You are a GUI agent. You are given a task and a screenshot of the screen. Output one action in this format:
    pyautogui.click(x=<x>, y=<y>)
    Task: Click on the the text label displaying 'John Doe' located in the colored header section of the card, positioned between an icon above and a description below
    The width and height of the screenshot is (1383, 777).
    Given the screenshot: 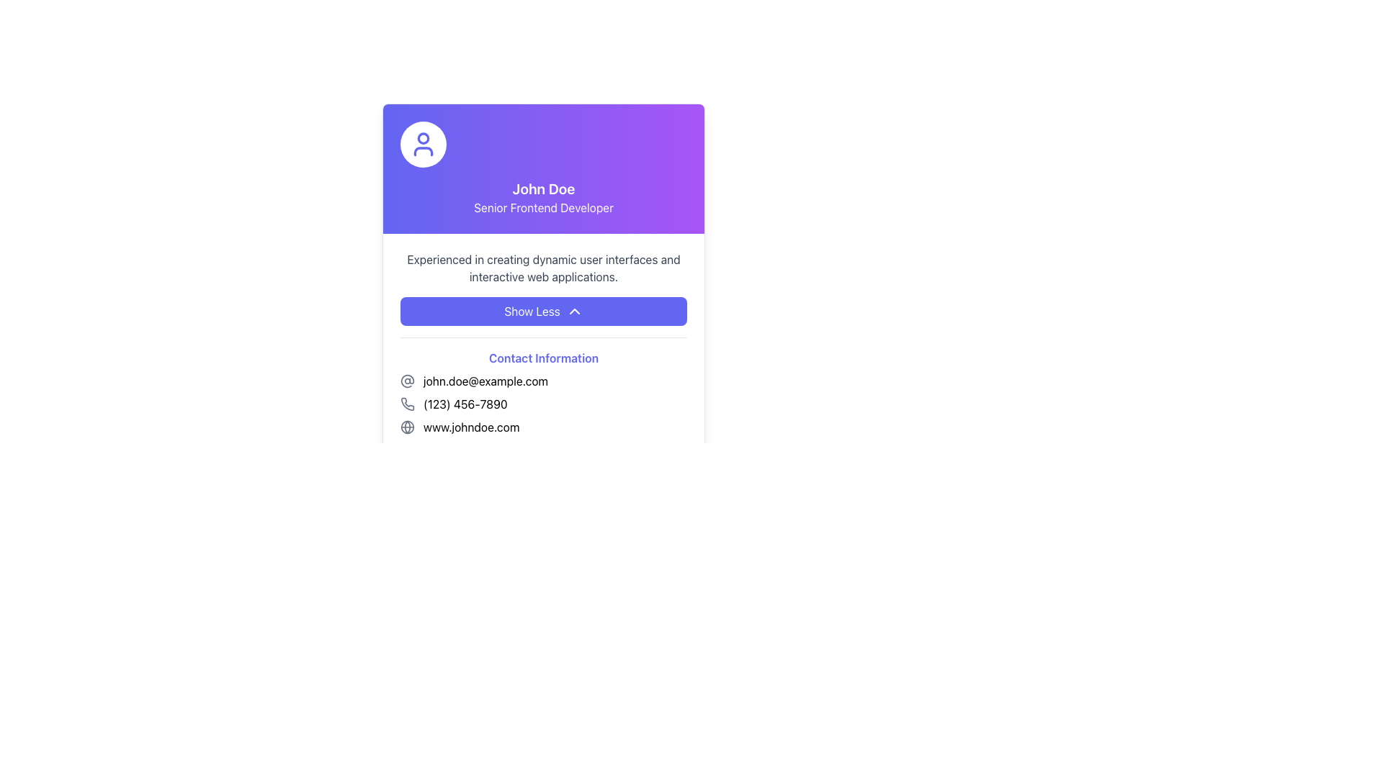 What is the action you would take?
    pyautogui.click(x=542, y=188)
    